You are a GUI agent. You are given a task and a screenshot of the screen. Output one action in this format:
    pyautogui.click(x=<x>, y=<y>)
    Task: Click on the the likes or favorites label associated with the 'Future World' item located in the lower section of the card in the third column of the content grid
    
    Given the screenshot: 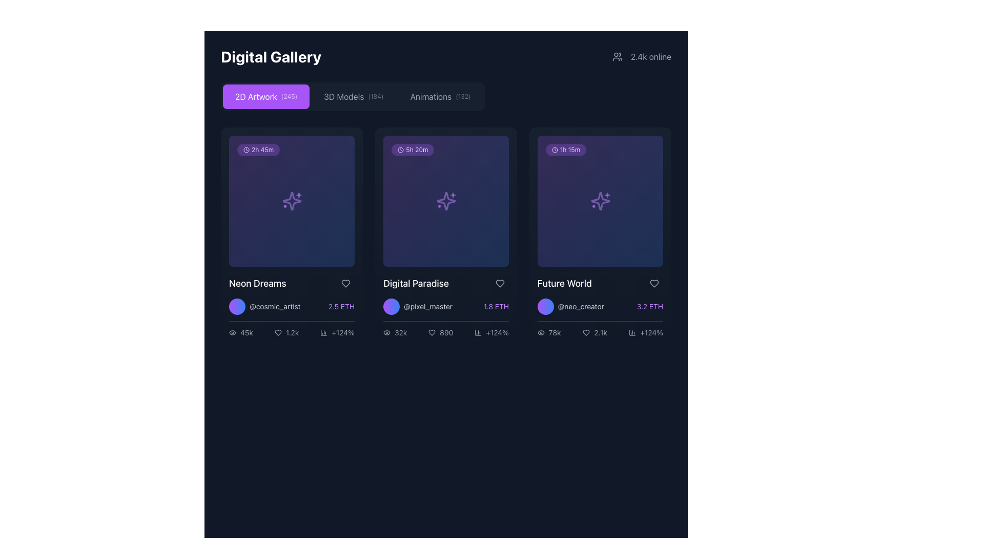 What is the action you would take?
    pyautogui.click(x=600, y=333)
    